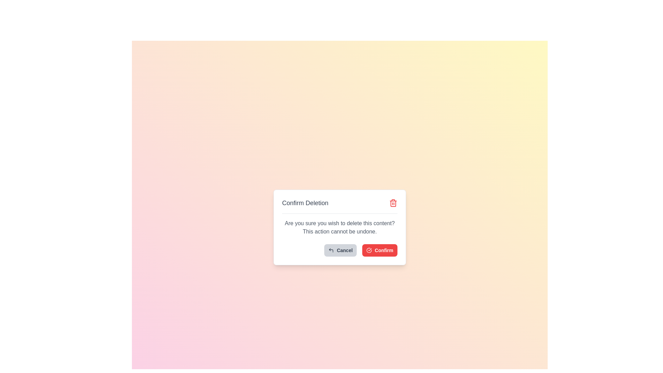  Describe the element at coordinates (340, 250) in the screenshot. I see `the 'Cancel' button with rounded corners and a gray background, which is positioned to the left of the 'Confirm' button in the modal dialog` at that location.